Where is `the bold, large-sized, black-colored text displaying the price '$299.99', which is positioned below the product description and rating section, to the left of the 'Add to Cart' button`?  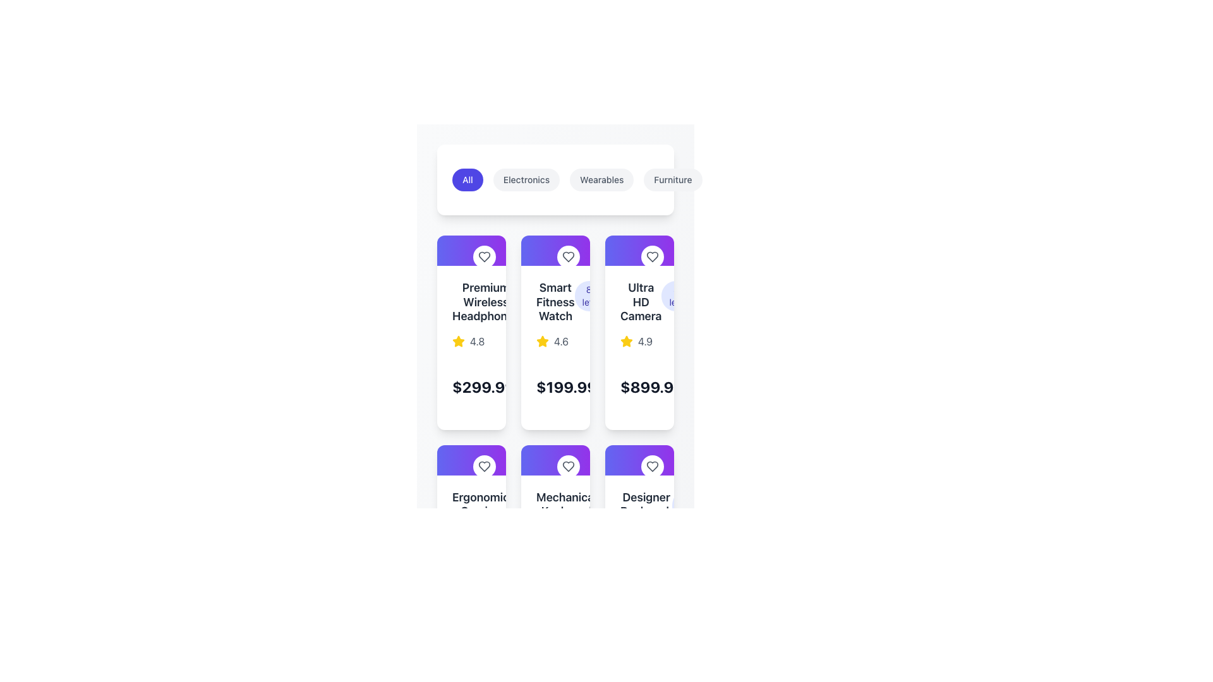 the bold, large-sized, black-colored text displaying the price '$299.99', which is positioned below the product description and rating section, to the left of the 'Add to Cart' button is located at coordinates (483, 386).